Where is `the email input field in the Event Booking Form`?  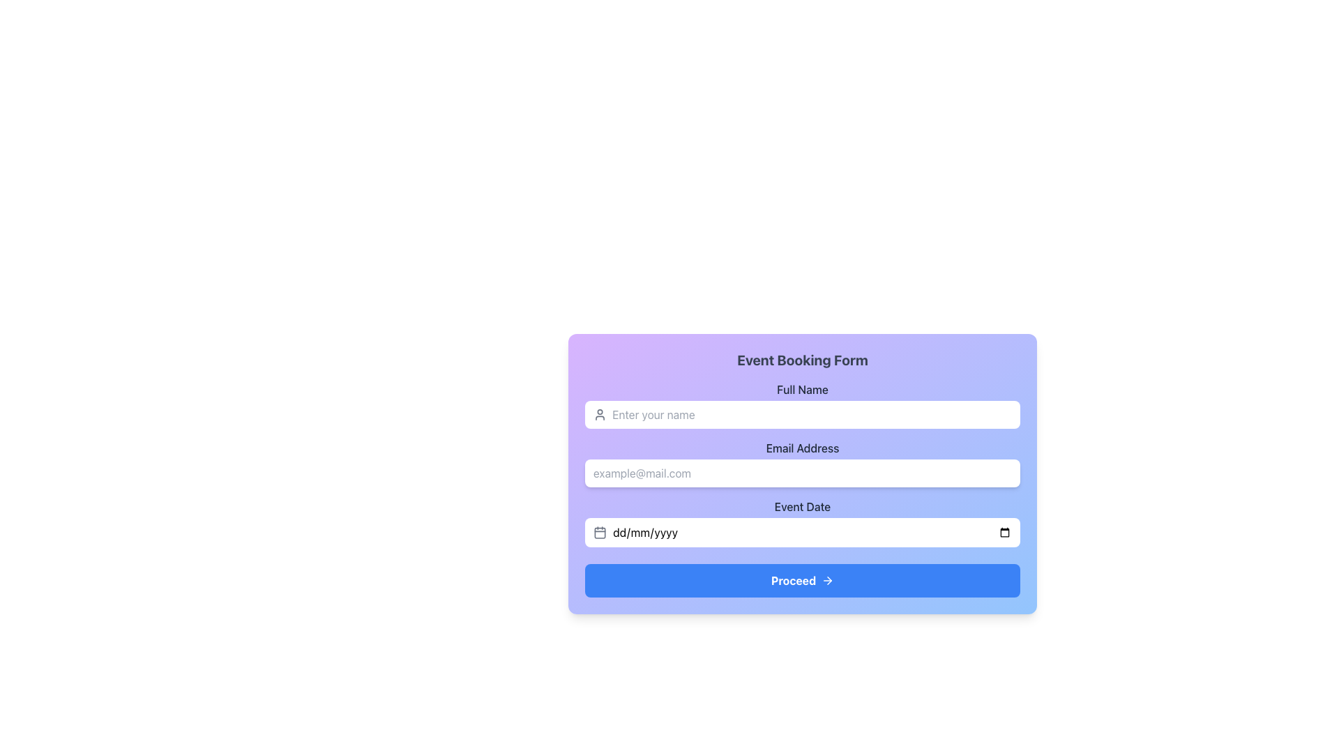 the email input field in the Event Booking Form is located at coordinates (803, 463).